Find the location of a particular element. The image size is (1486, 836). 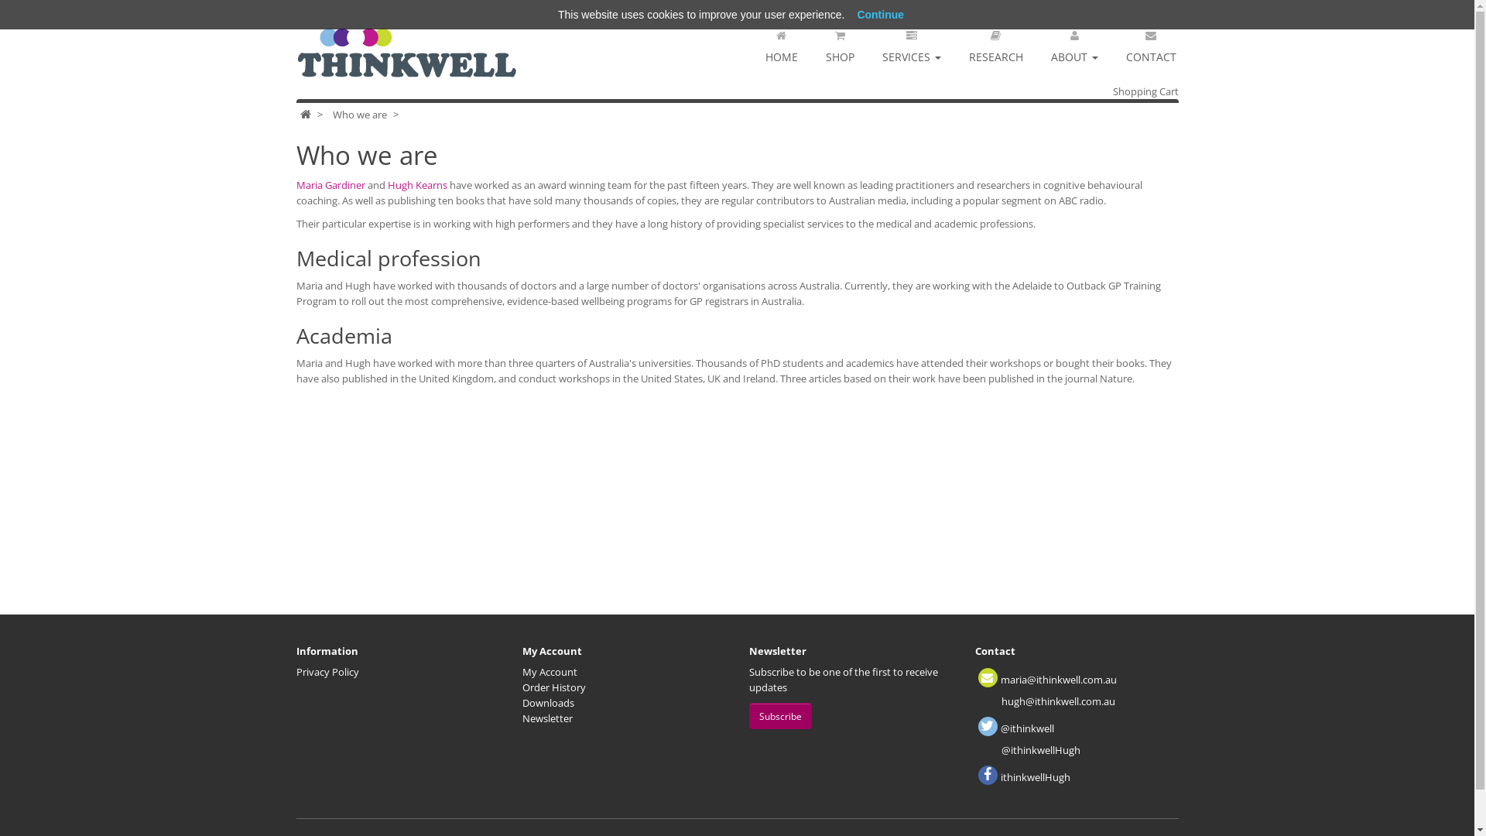

'Order History' is located at coordinates (553, 686).